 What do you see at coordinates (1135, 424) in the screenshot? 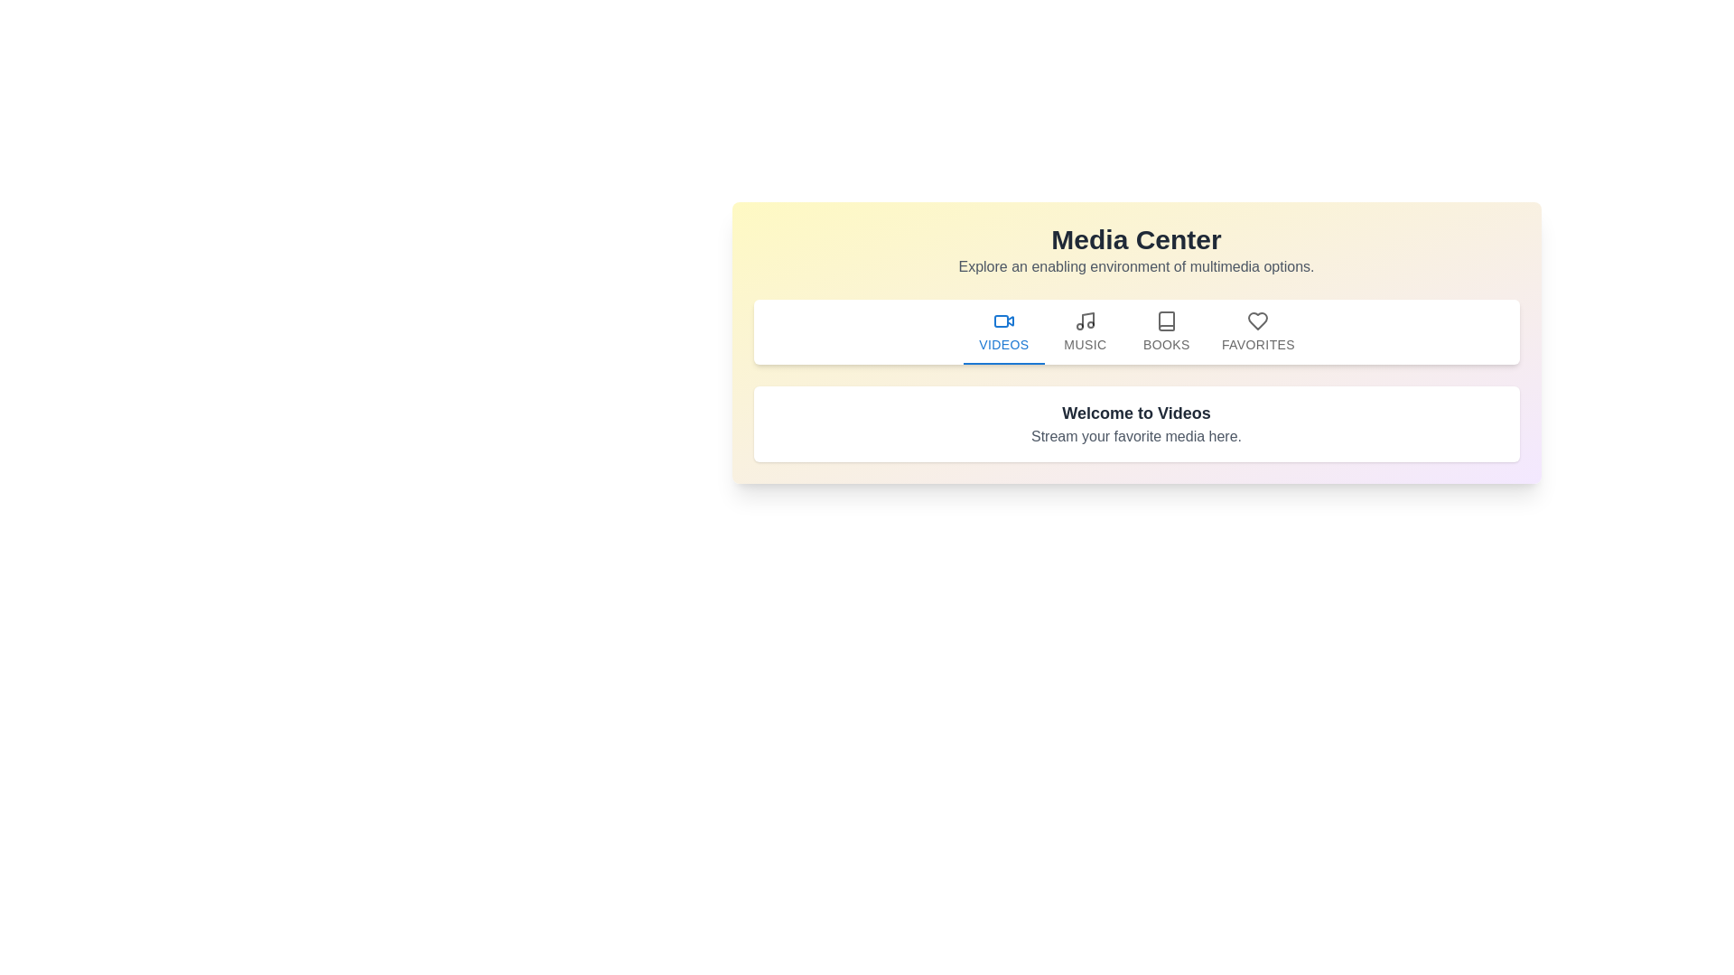
I see `the Informational Banner titled 'Welcome to Videos' which contains the text 'Stream your favorite media here.'` at bounding box center [1135, 424].